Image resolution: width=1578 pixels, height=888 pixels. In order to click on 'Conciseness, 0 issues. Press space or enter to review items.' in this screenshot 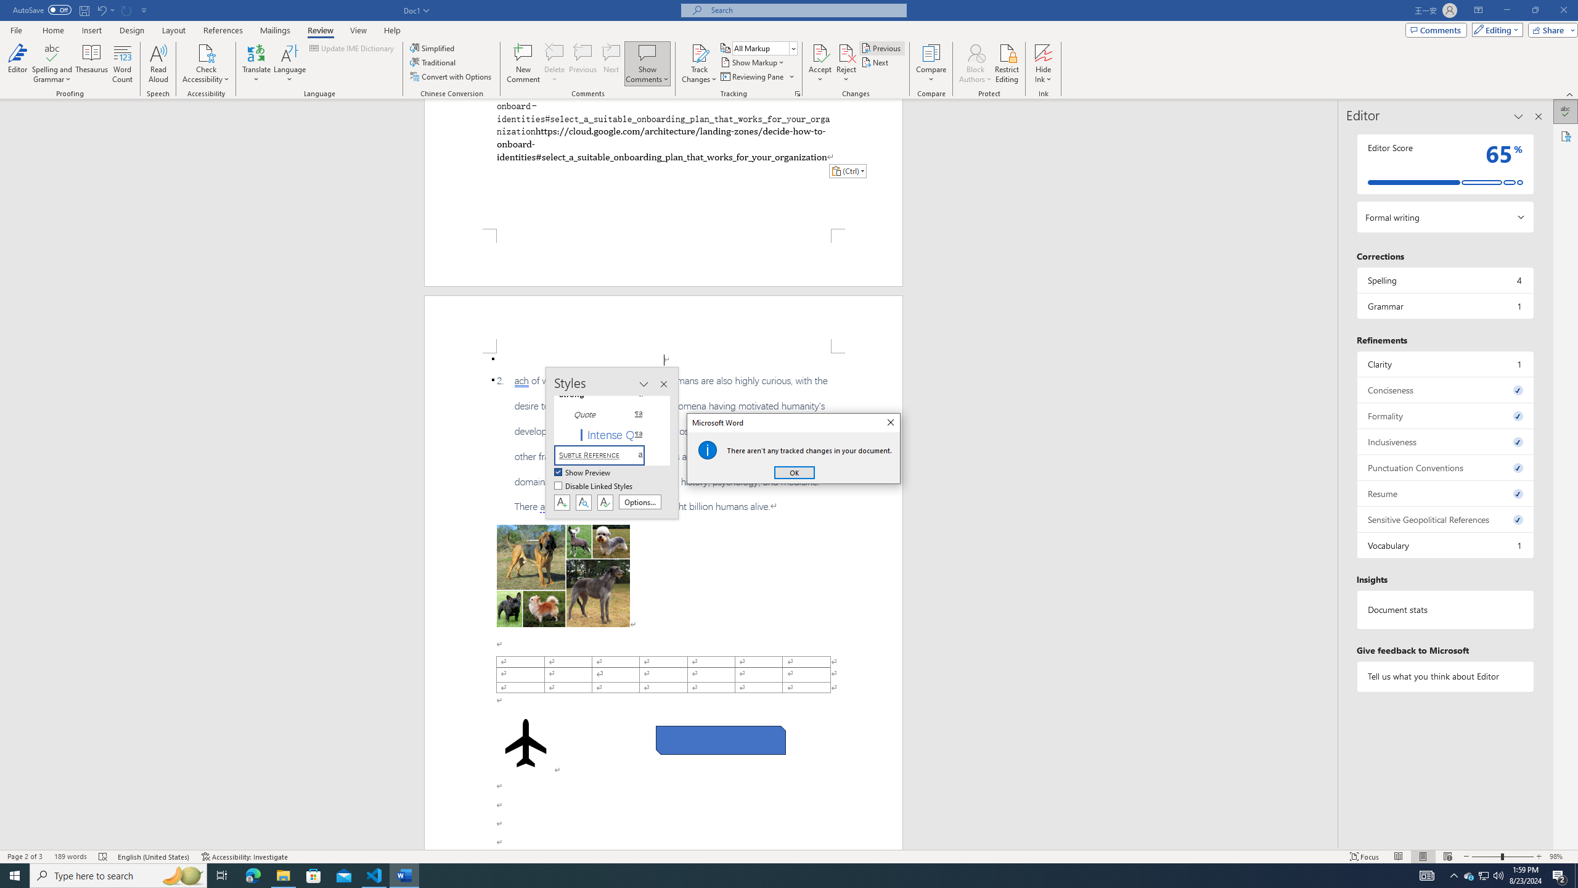, I will do `click(1444, 389)`.